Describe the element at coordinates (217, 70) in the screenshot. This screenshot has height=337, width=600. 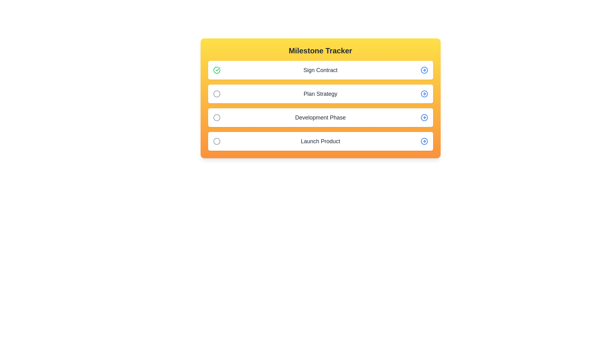
I see `the Checkbox or status indicator for the milestone 'Sign Contract' located in the first row of the 'Milestone Tracker' list` at that location.